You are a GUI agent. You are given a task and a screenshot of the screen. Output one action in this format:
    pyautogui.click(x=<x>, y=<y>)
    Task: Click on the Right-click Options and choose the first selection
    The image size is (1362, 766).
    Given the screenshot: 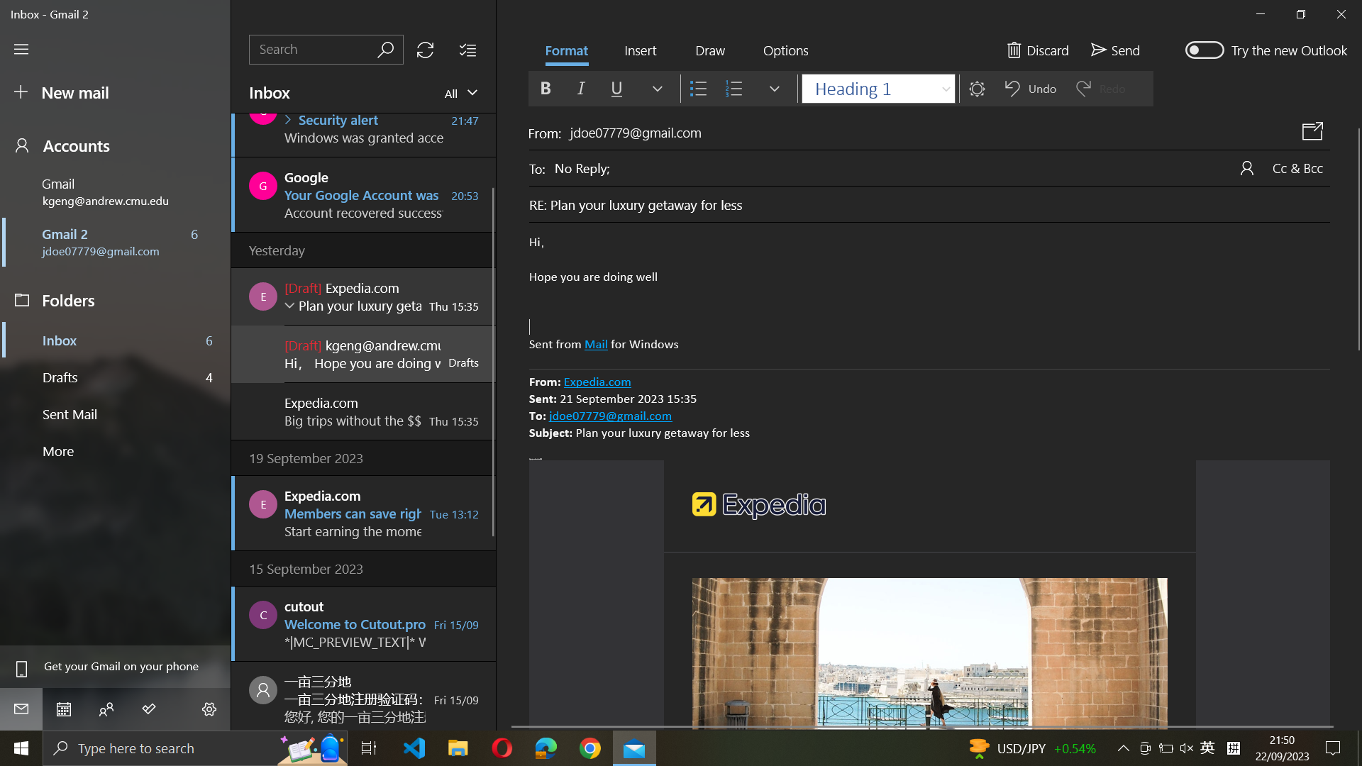 What is the action you would take?
    pyautogui.click(x=785, y=50)
    